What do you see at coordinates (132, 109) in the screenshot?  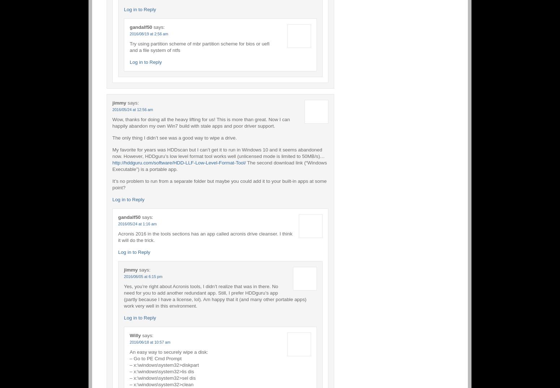 I see `'2016/05/24 at 12:56 am'` at bounding box center [132, 109].